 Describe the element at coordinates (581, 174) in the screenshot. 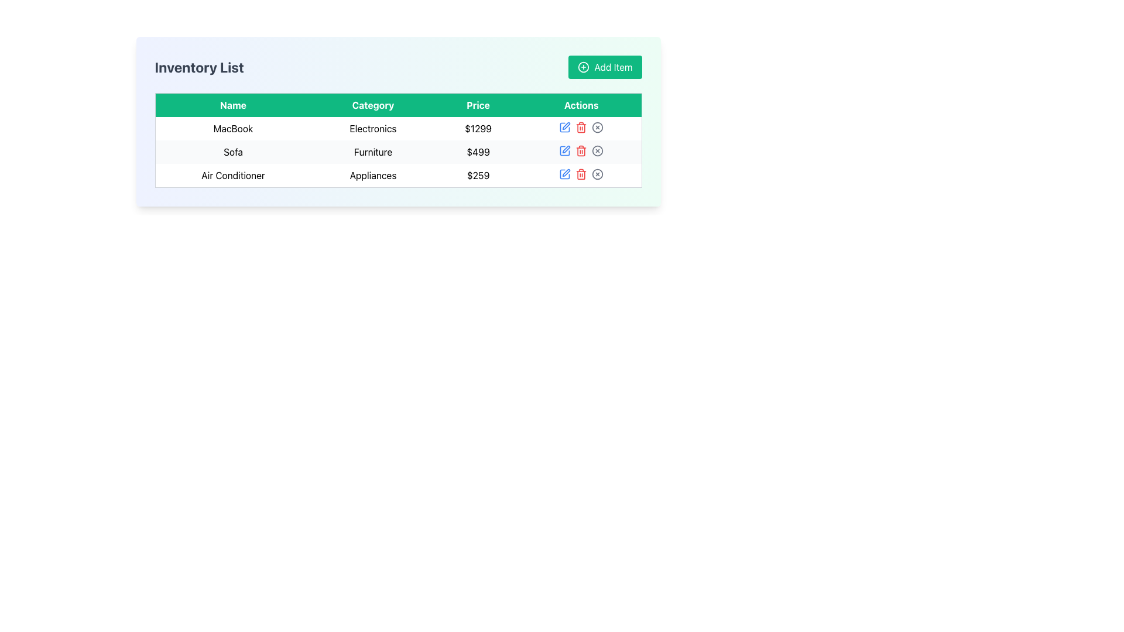

I see `the row of interactive icons corresponding to the 'Air Conditioner' item in the actions column` at that location.